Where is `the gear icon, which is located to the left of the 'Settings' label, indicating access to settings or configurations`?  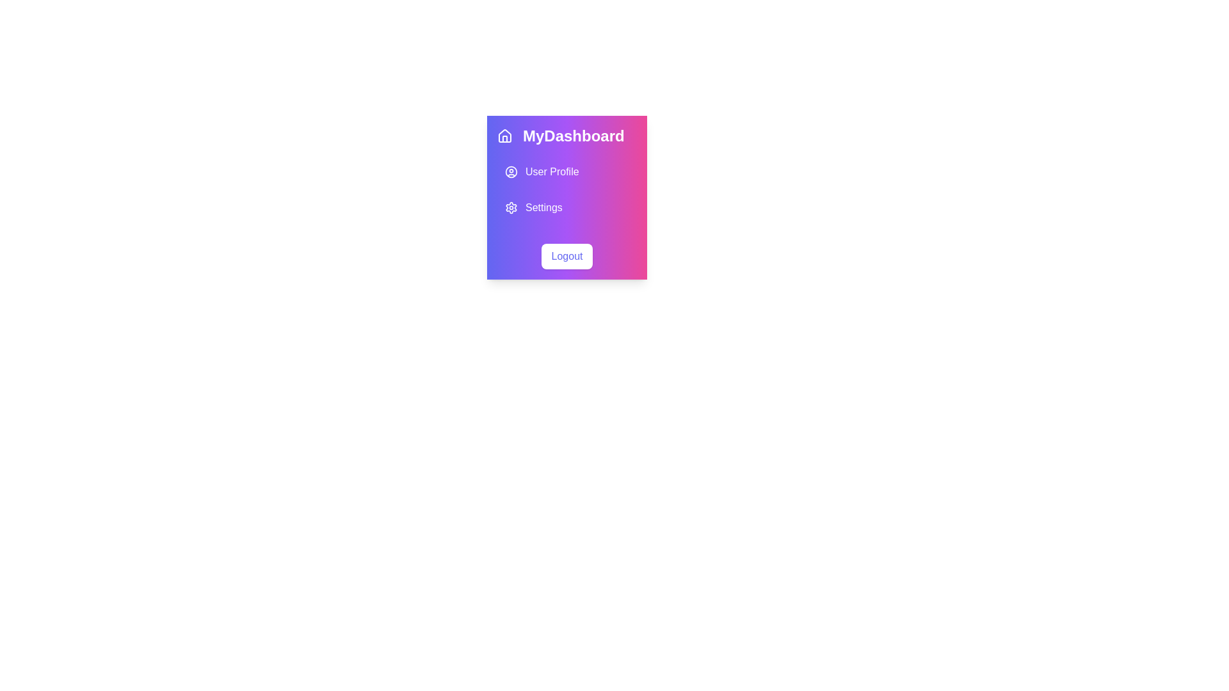
the gear icon, which is located to the left of the 'Settings' label, indicating access to settings or configurations is located at coordinates (510, 207).